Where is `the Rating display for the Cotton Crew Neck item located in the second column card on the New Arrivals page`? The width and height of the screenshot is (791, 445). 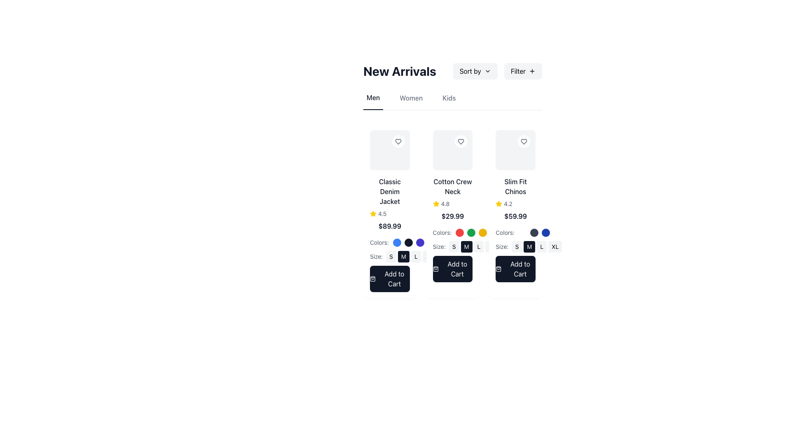
the Rating display for the Cotton Crew Neck item located in the second column card on the New Arrivals page is located at coordinates (452, 204).